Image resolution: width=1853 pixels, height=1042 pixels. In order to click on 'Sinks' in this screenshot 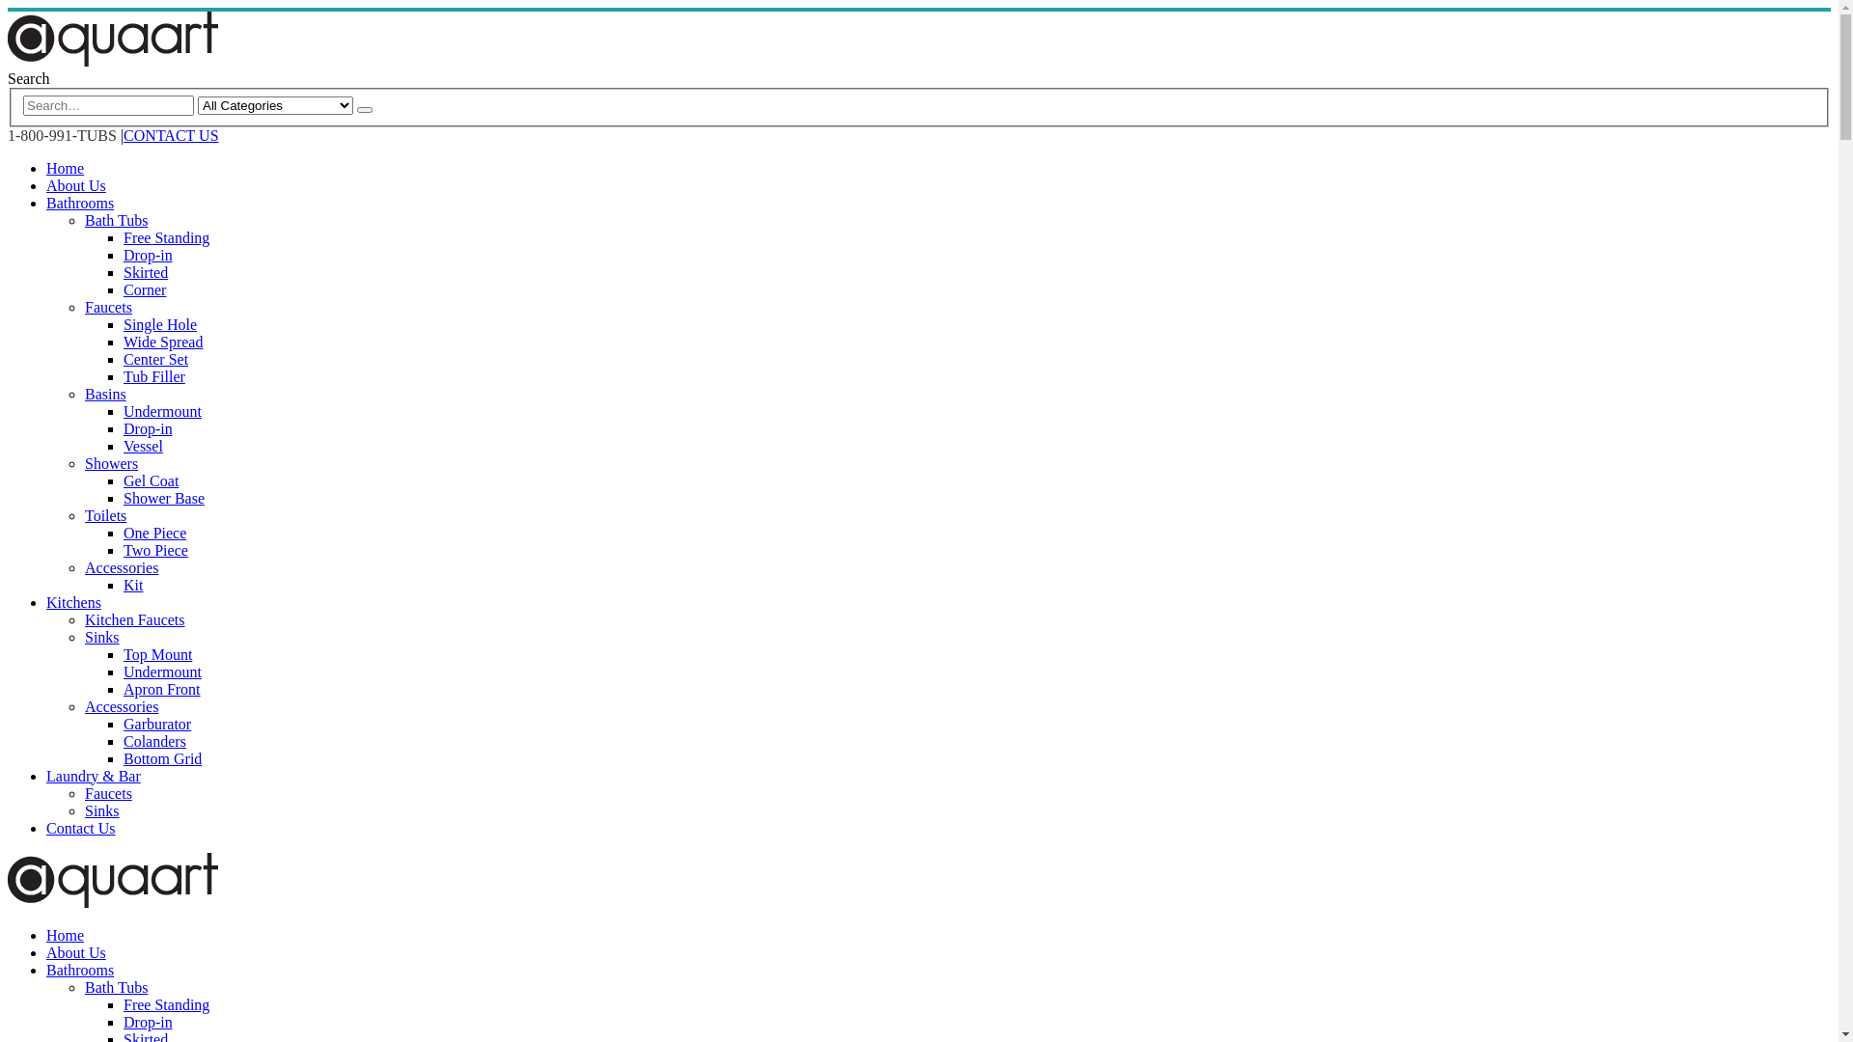, I will do `click(100, 637)`.